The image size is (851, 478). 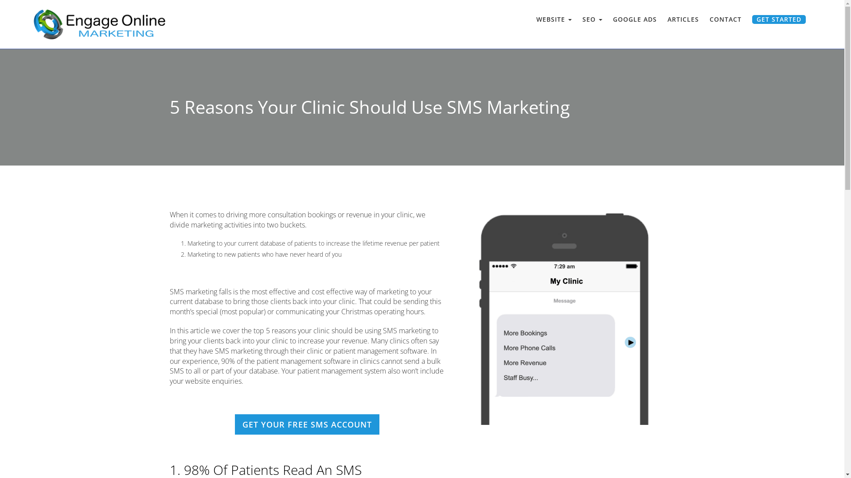 What do you see at coordinates (592, 19) in the screenshot?
I see `'SEO'` at bounding box center [592, 19].